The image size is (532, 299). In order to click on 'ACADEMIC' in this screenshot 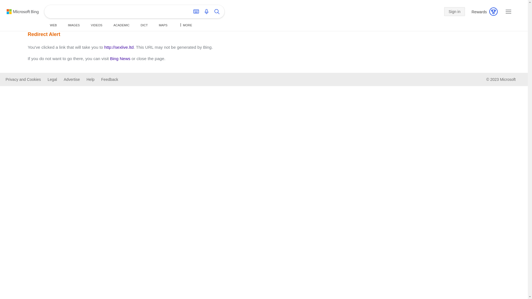, I will do `click(111, 25)`.